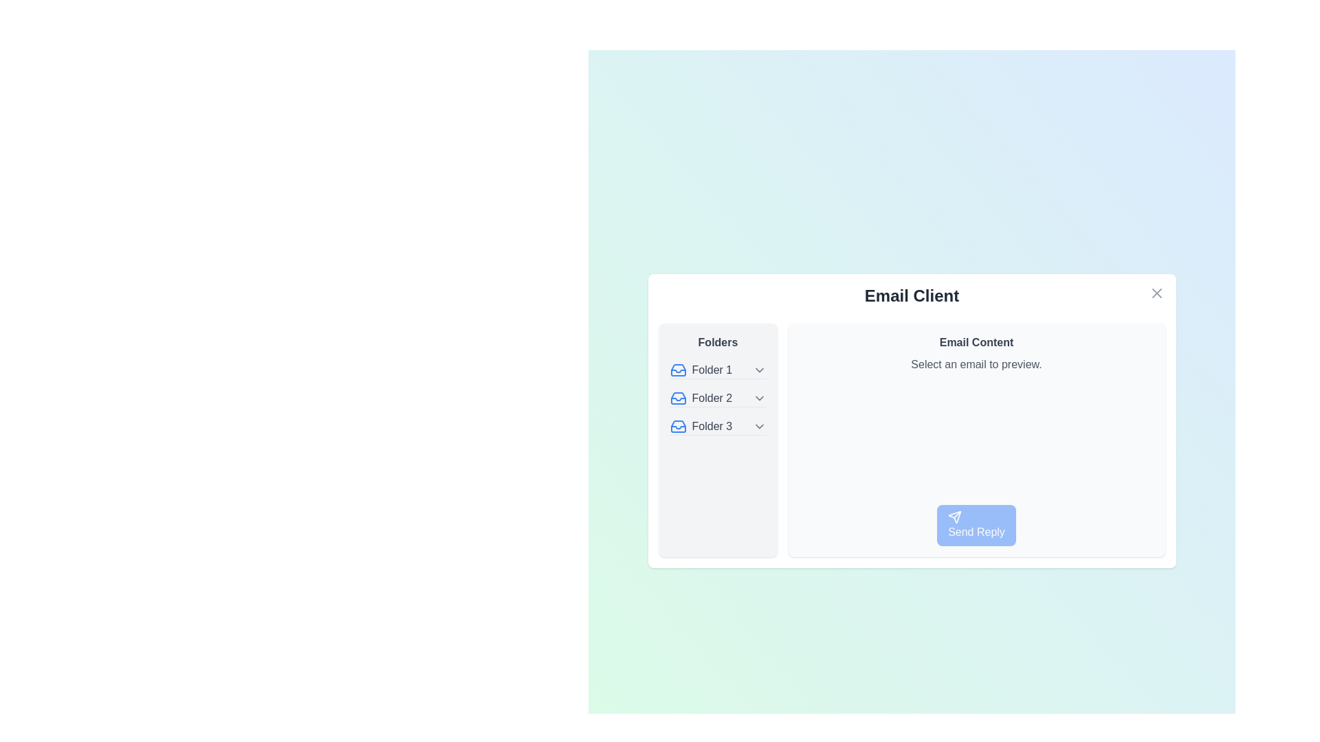 The width and height of the screenshot is (1320, 742). Describe the element at coordinates (701, 426) in the screenshot. I see `the 'Folder 3' list item in the Folders section` at that location.